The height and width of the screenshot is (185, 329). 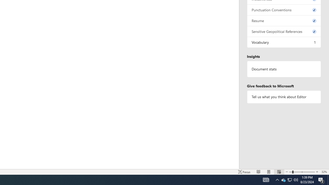 I want to click on 'Resume, 0 issues. Press space or enter to review items.', so click(x=284, y=20).